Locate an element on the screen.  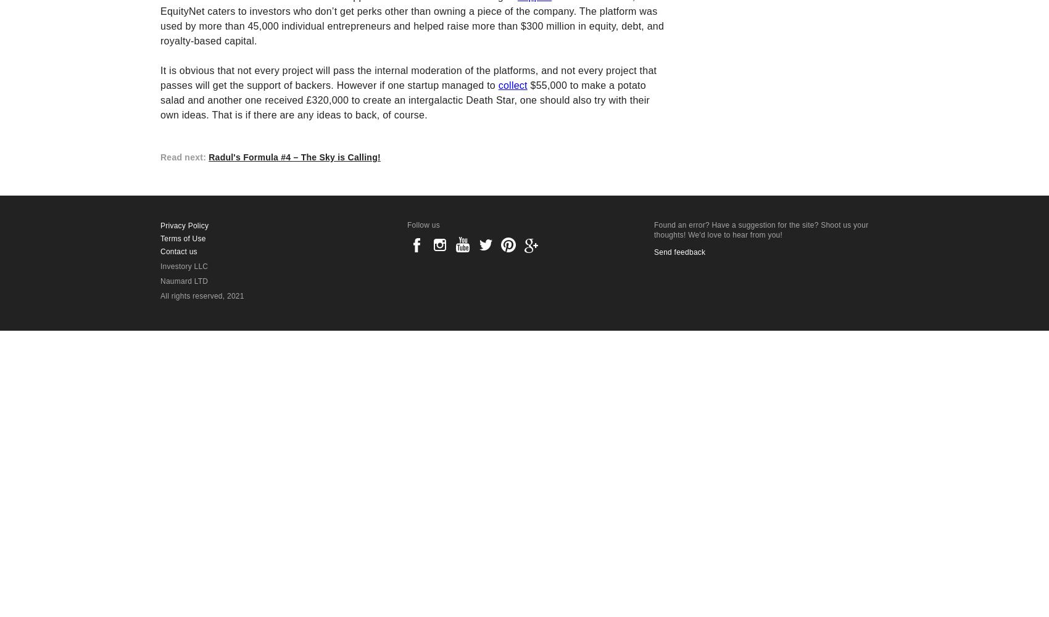
'Terms of Use' is located at coordinates (160, 238).